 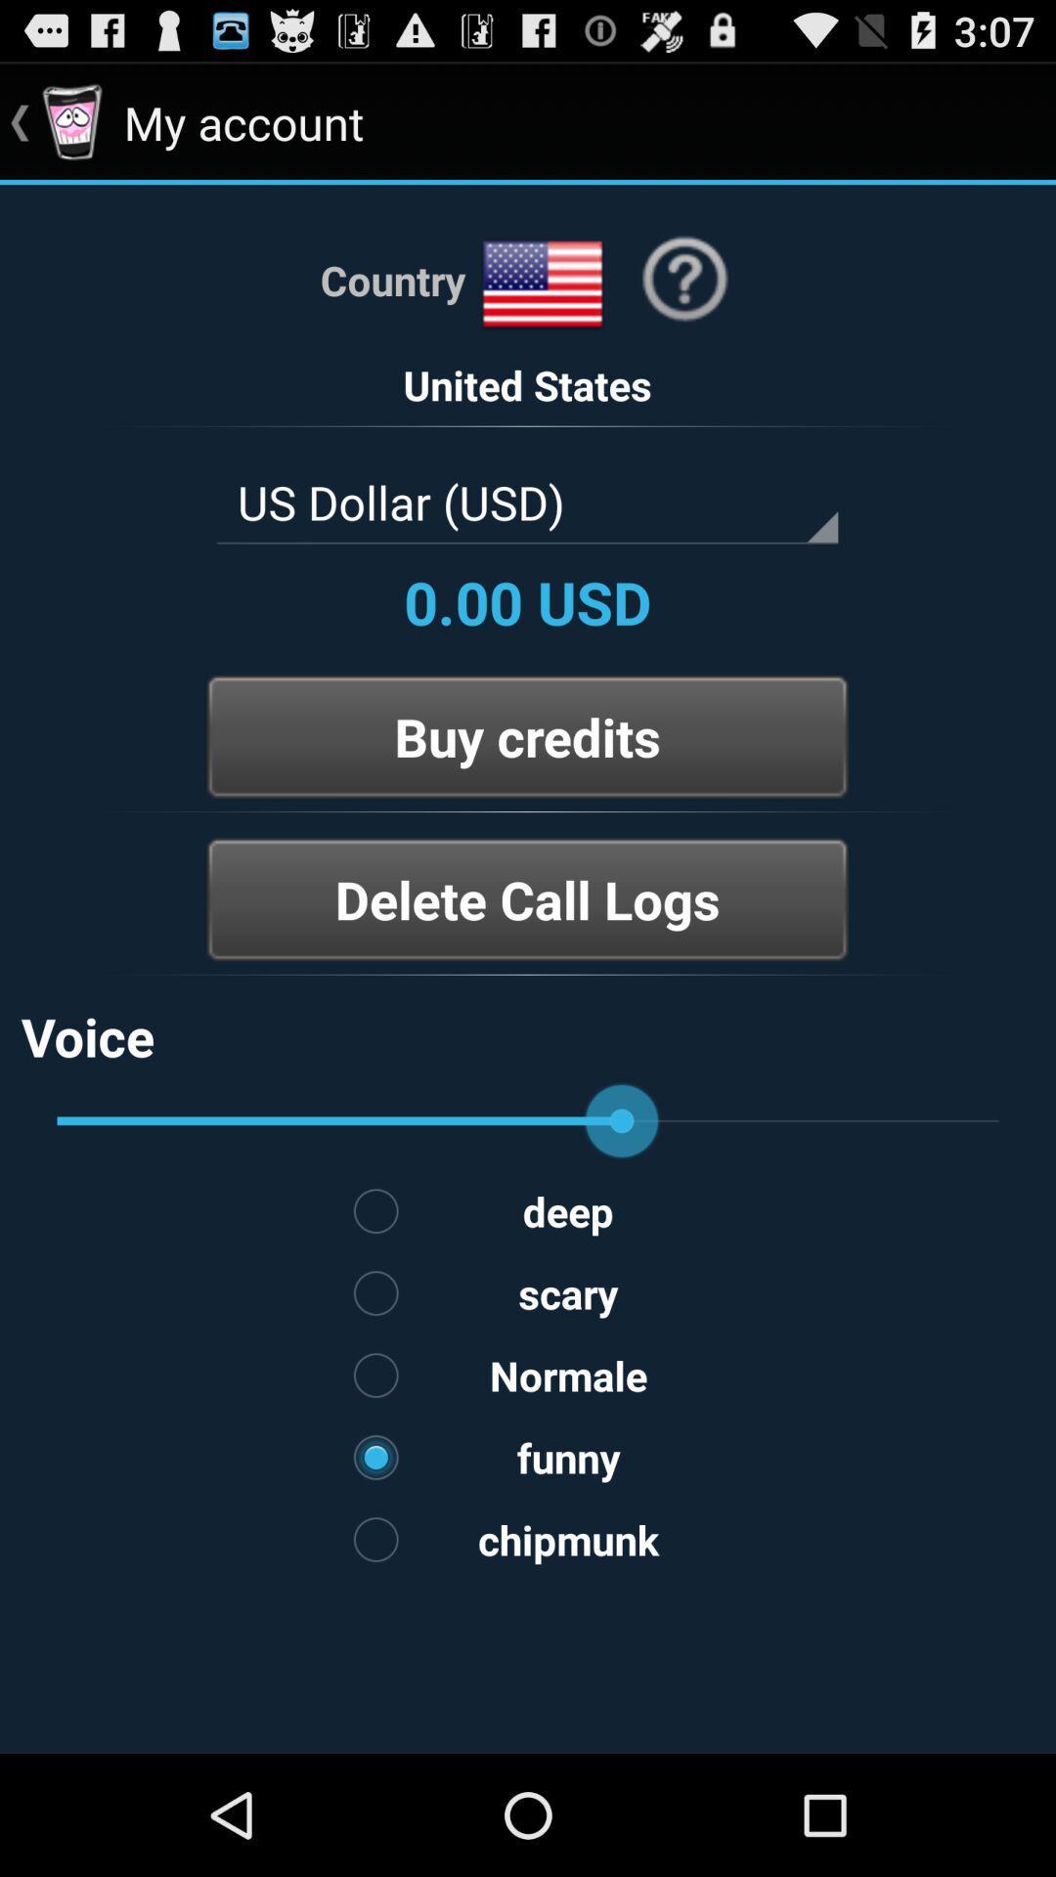 What do you see at coordinates (543, 304) in the screenshot?
I see `the national_flag icon` at bounding box center [543, 304].